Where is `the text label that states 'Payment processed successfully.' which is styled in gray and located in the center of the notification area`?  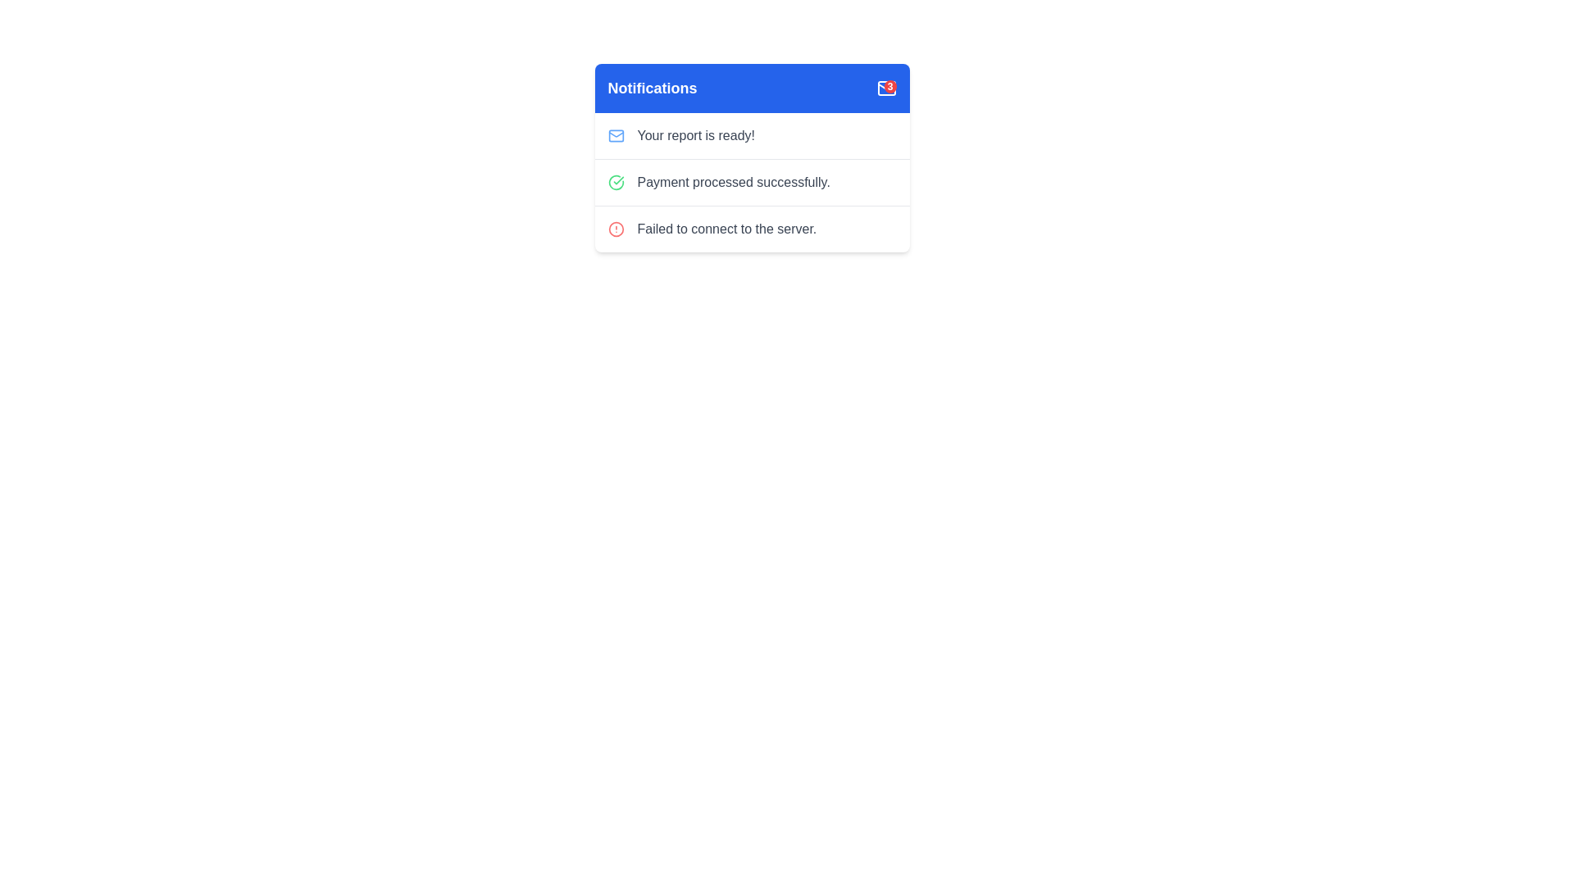
the text label that states 'Payment processed successfully.' which is styled in gray and located in the center of the notification area is located at coordinates (733, 183).